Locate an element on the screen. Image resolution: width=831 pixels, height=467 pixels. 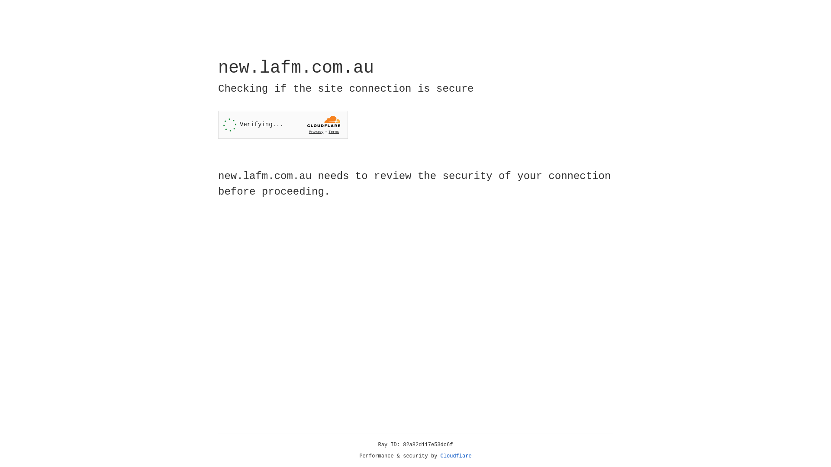
'Cloudflare' is located at coordinates (456, 456).